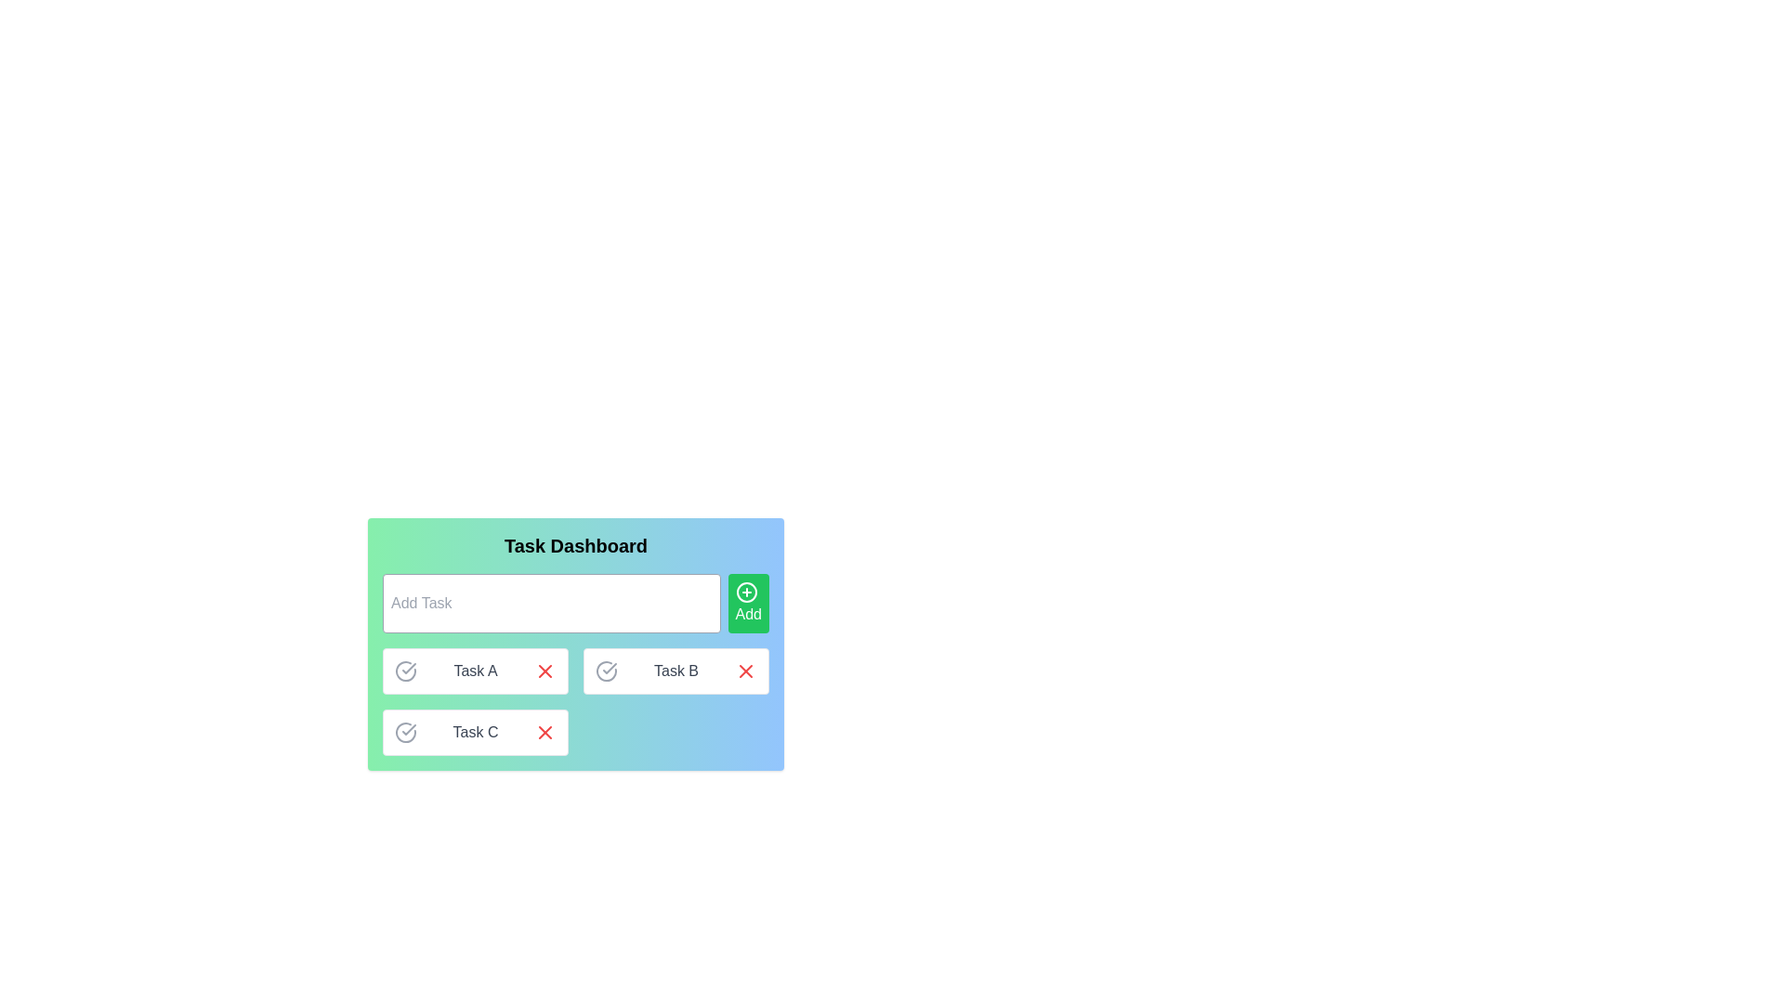  Describe the element at coordinates (745, 671) in the screenshot. I see `the red 'X' icon button located at the far right side of the task block labeled 'Task B'` at that location.